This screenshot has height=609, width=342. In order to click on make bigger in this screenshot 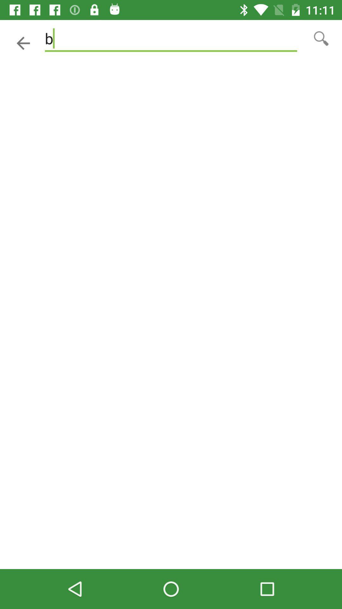, I will do `click(321, 38)`.